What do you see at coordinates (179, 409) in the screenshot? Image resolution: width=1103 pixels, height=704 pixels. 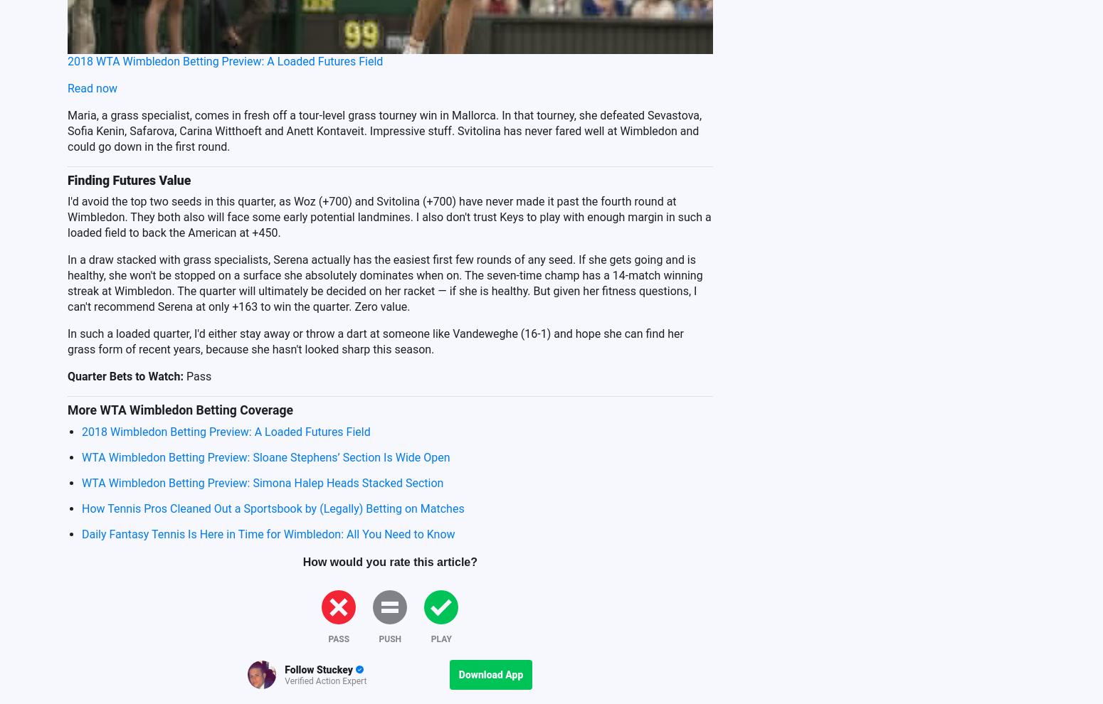 I see `'More WTA Wimbledon Betting Coverage'` at bounding box center [179, 409].